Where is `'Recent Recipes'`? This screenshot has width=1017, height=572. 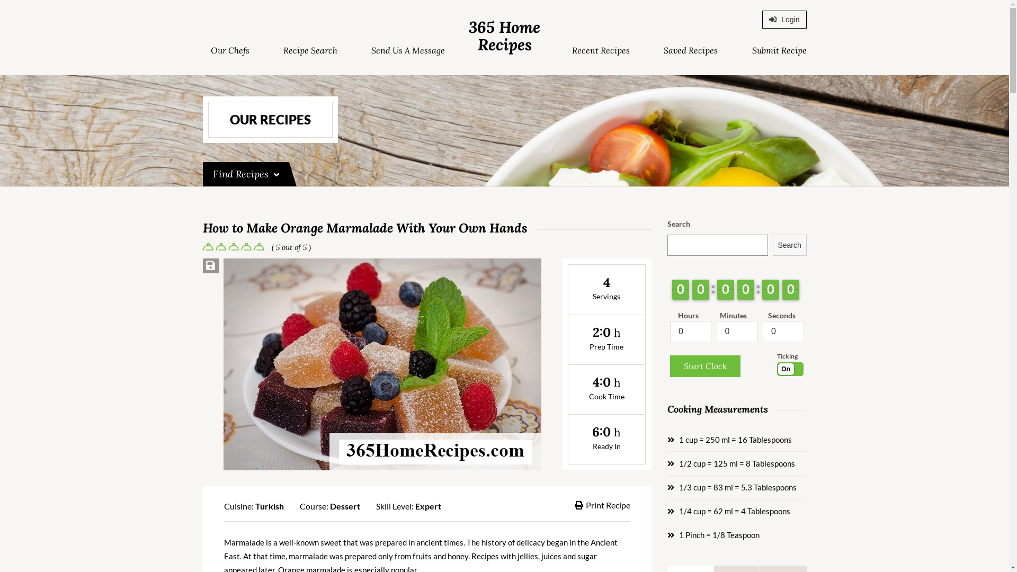 'Recent Recipes' is located at coordinates (601, 51).